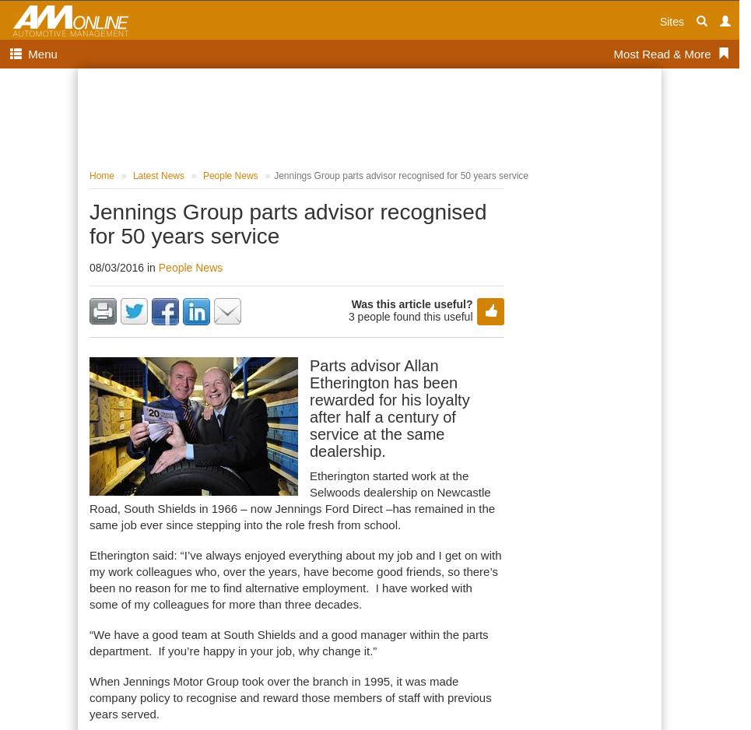 The image size is (751, 730). I want to click on 'Sites', so click(671, 22).